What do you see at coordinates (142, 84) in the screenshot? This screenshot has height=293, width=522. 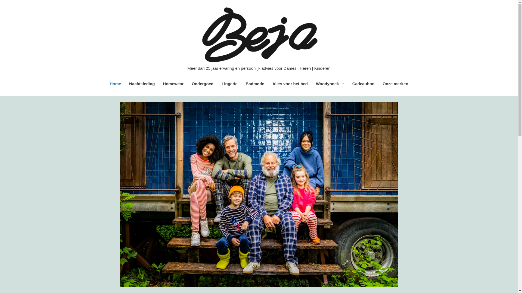 I see `'Nachtkleding'` at bounding box center [142, 84].